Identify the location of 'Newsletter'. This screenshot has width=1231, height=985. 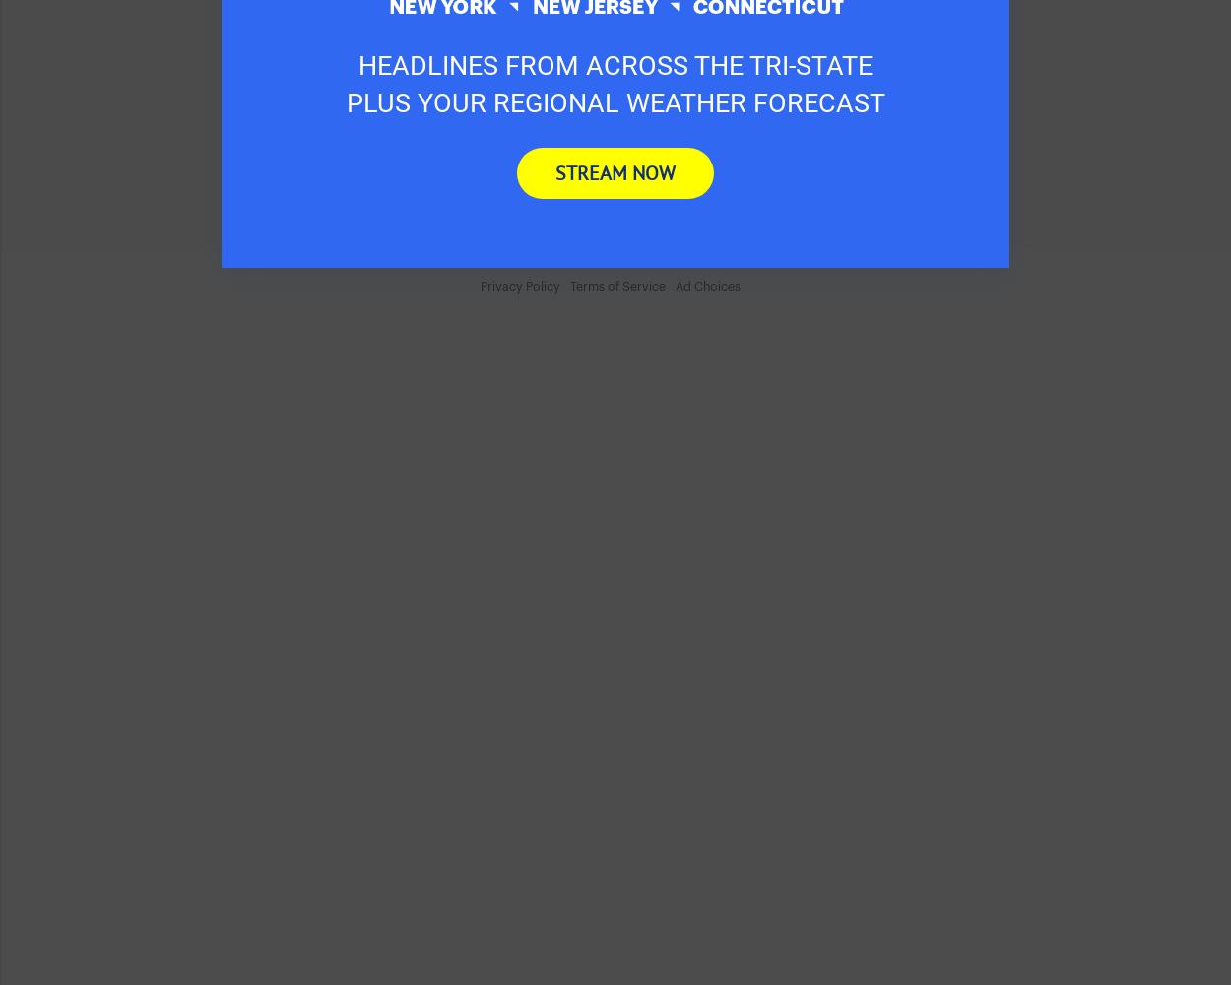
(250, 73).